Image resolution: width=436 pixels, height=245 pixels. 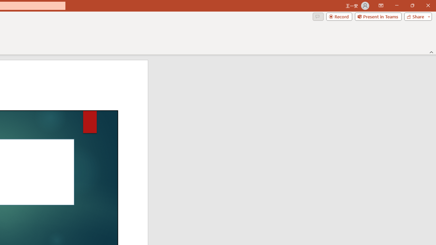 What do you see at coordinates (412, 5) in the screenshot?
I see `'Restore Down'` at bounding box center [412, 5].